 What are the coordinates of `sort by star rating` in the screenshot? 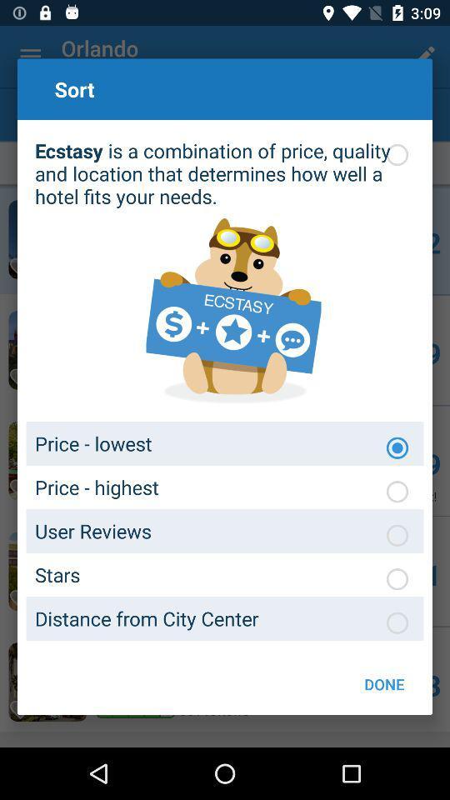 It's located at (396, 579).